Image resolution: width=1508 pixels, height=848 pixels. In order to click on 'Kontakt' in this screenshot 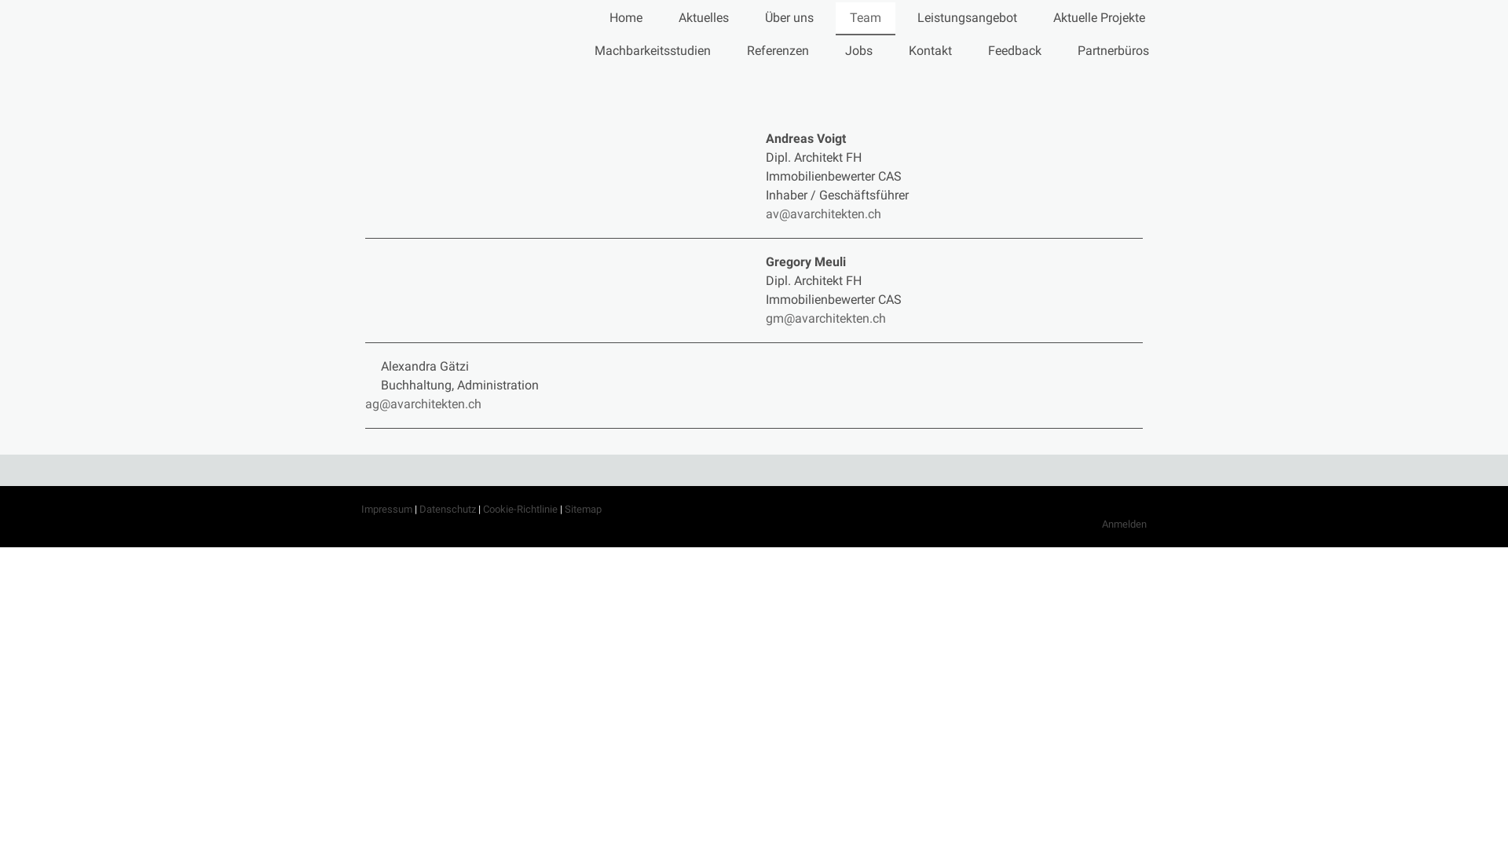, I will do `click(930, 50)`.